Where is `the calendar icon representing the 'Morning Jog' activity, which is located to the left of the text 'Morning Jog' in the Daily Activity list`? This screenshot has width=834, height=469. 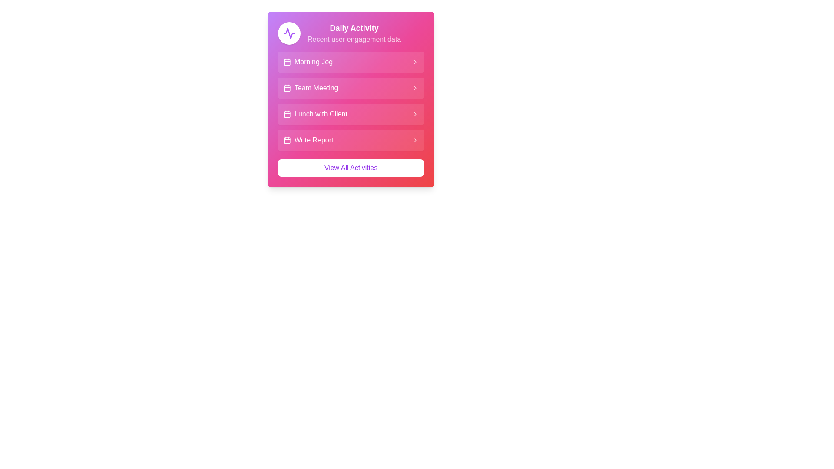 the calendar icon representing the 'Morning Jog' activity, which is located to the left of the text 'Morning Jog' in the Daily Activity list is located at coordinates (287, 61).